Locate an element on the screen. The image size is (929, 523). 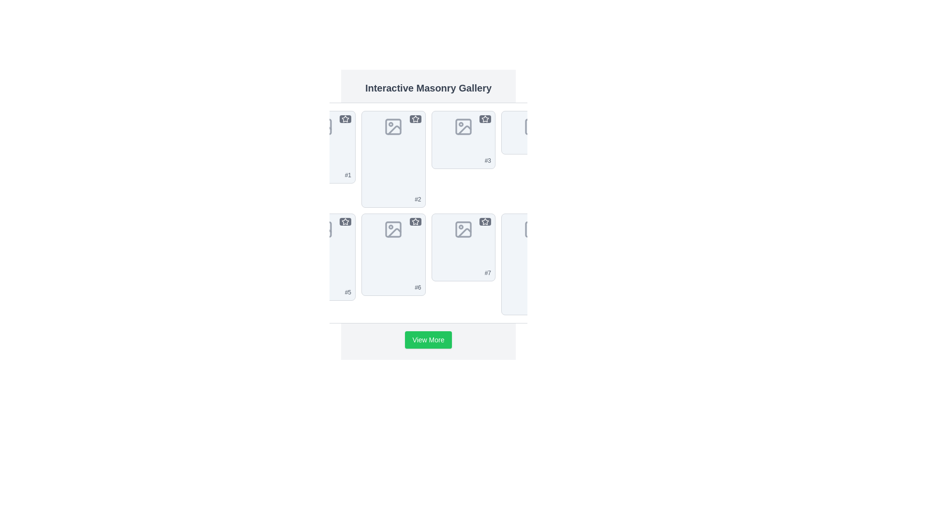
the favorite toggle button located in the top-right corner of card '#5' is located at coordinates (345, 222).